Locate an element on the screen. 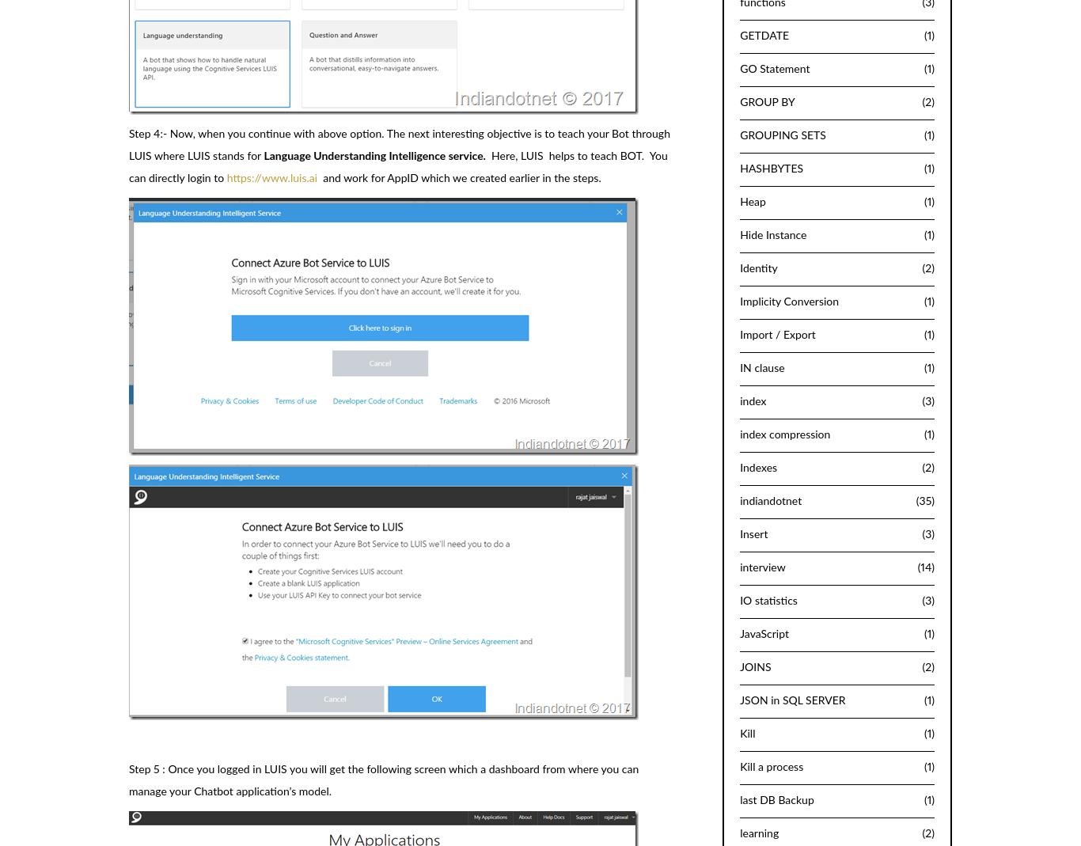  'indiandotnet' is located at coordinates (770, 500).